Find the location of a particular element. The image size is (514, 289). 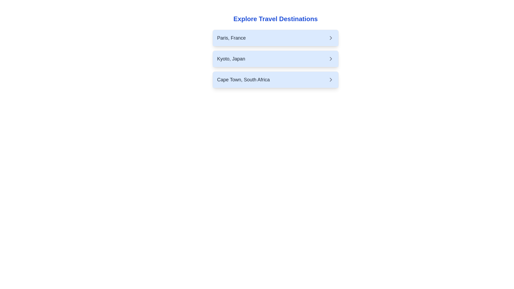

the rightward-pointing chevron icon within the rectangular button labeled 'Kyoto, Japan' is located at coordinates (331, 59).